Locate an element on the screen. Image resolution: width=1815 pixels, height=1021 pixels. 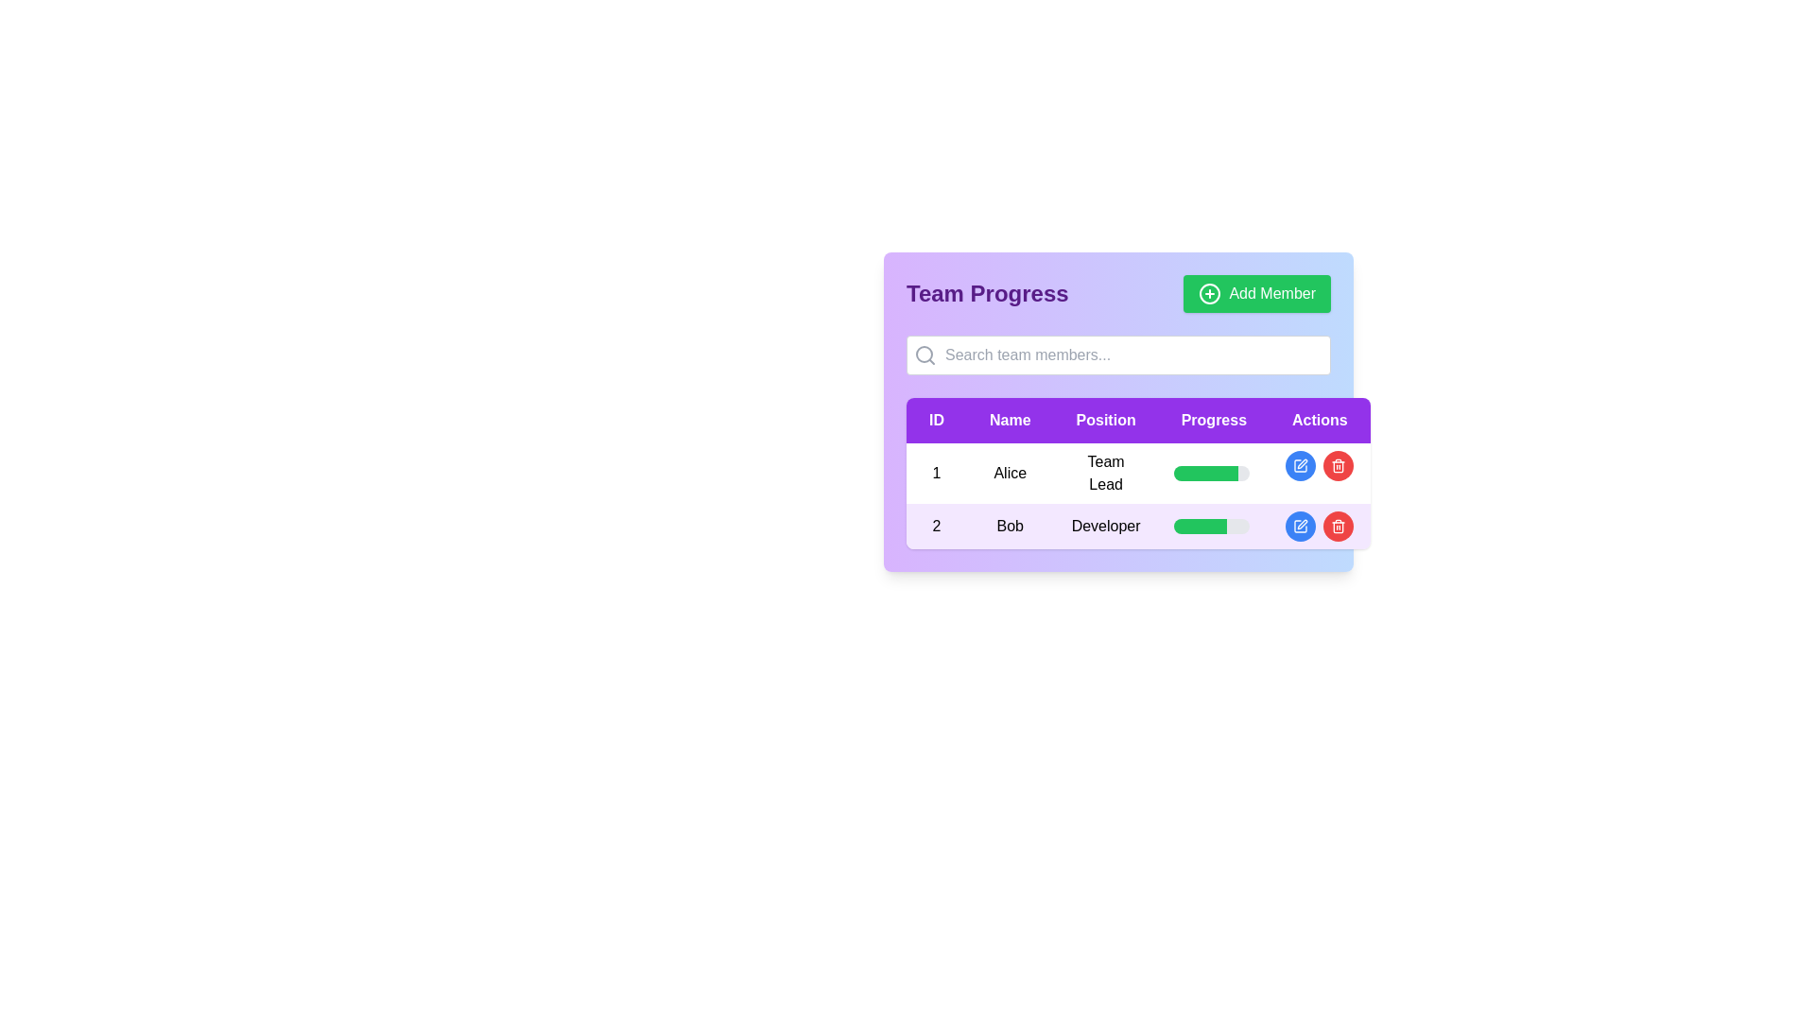
the 'ID' column header with a vivid purple background in the Team Progress panel to initiate sorting is located at coordinates (936, 419).